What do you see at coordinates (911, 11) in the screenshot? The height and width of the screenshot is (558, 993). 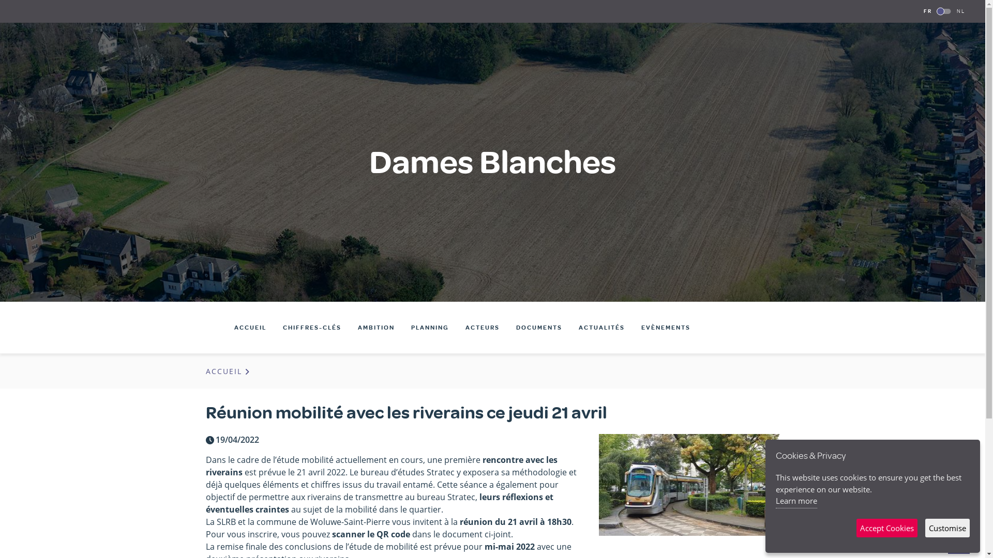 I see `'FR'` at bounding box center [911, 11].